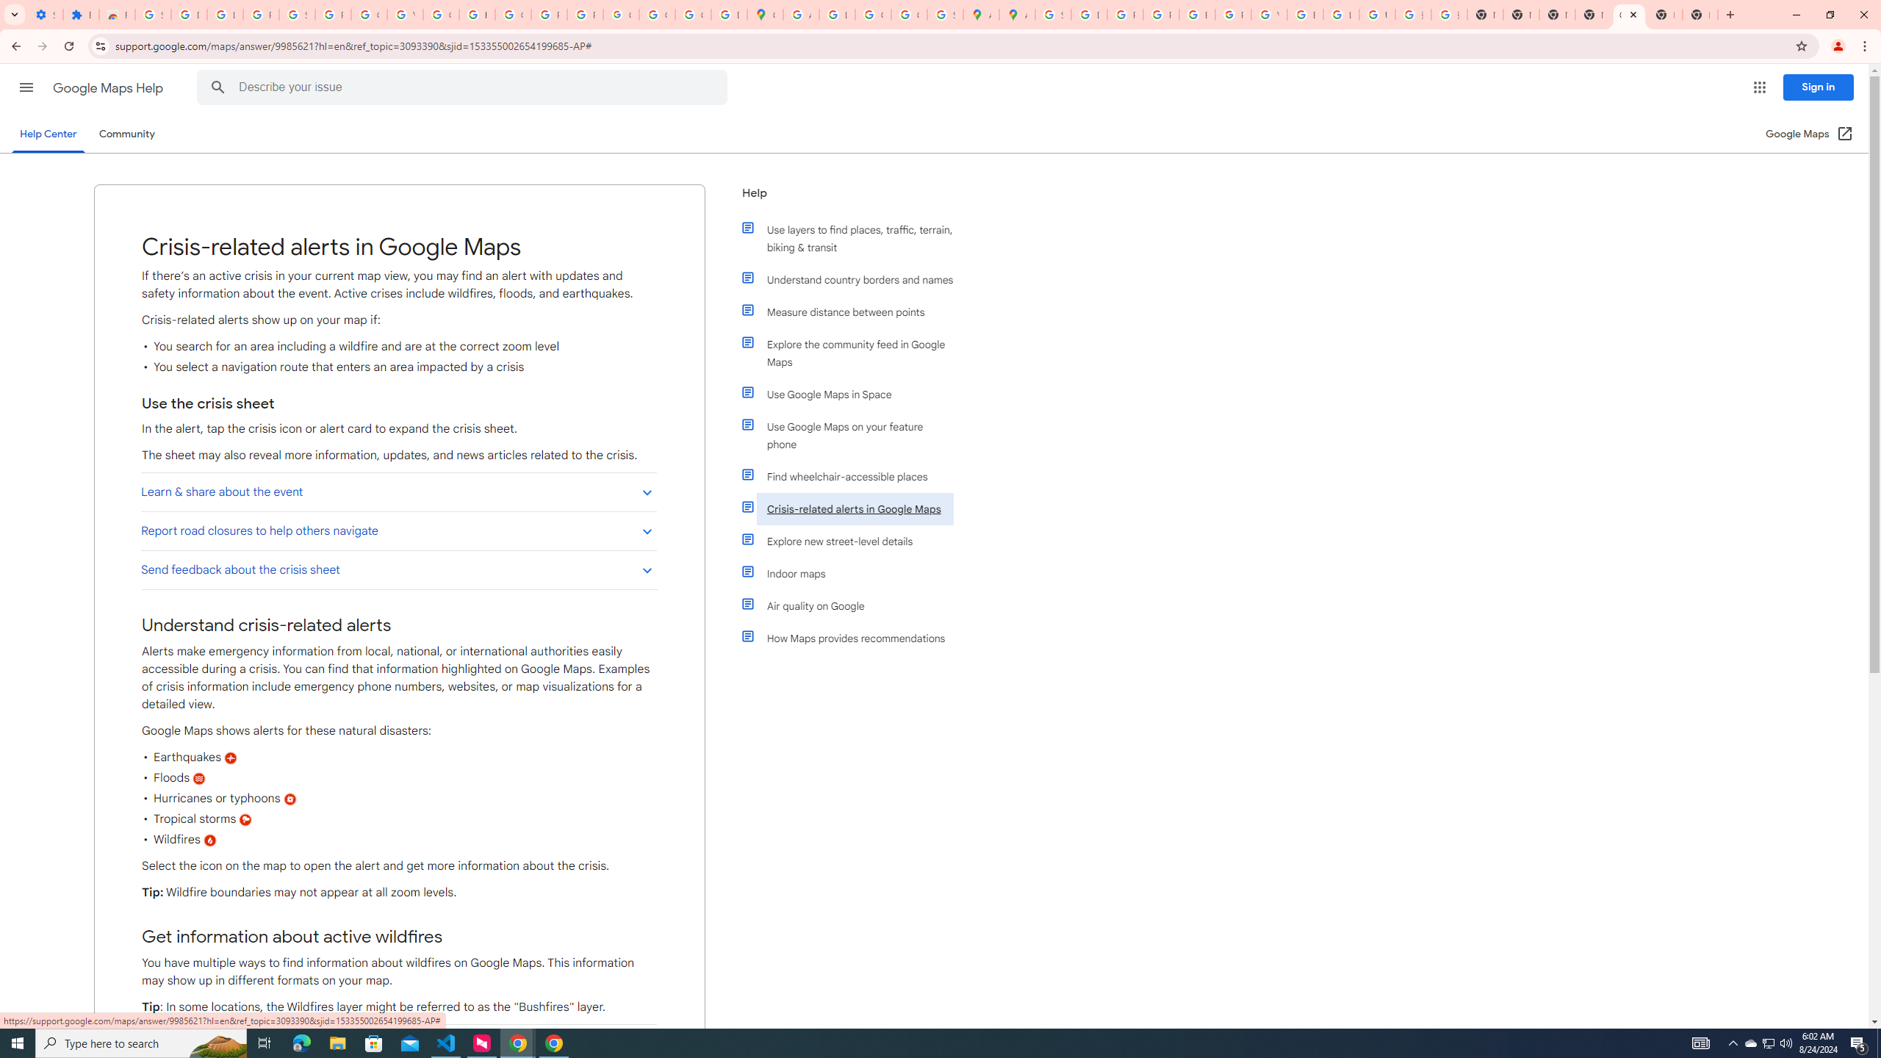  I want to click on 'Google Maps Help', so click(109, 87).